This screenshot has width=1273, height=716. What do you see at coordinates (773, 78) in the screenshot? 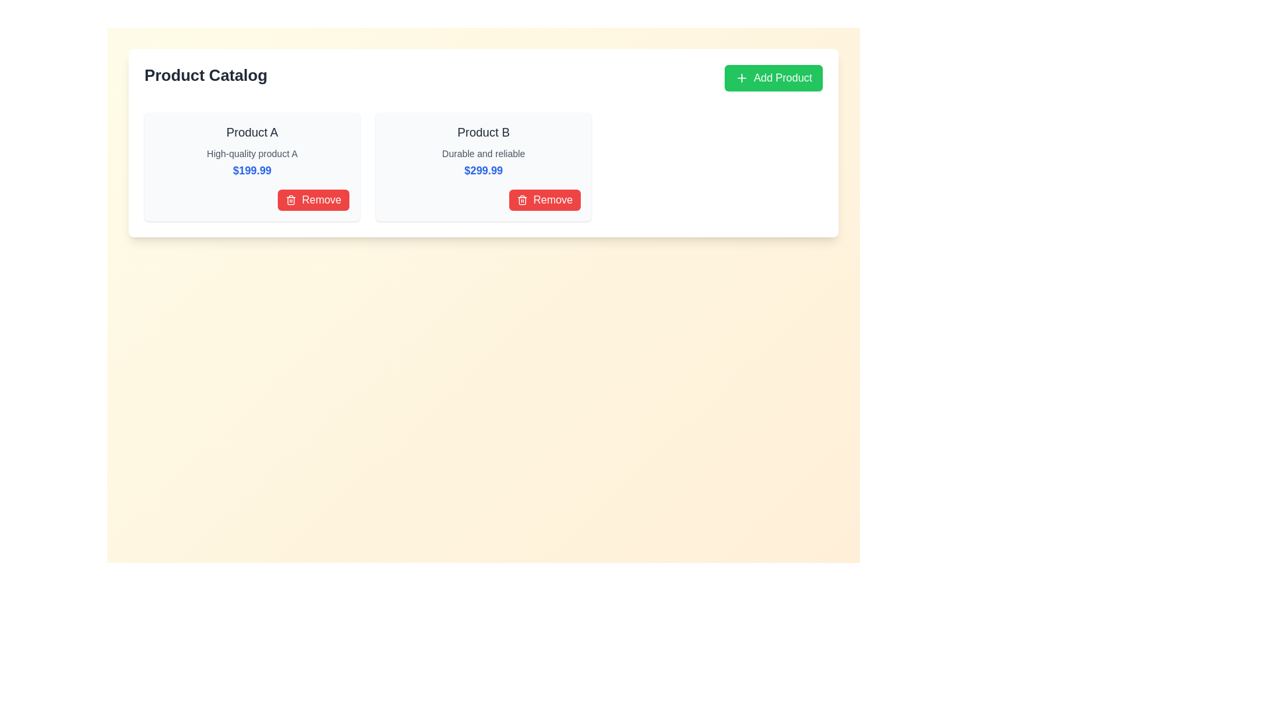
I see `the 'Add Product' button, which has a green background and white text, located in the top-right corner of the header bar labeled 'Product Catalog'` at bounding box center [773, 78].